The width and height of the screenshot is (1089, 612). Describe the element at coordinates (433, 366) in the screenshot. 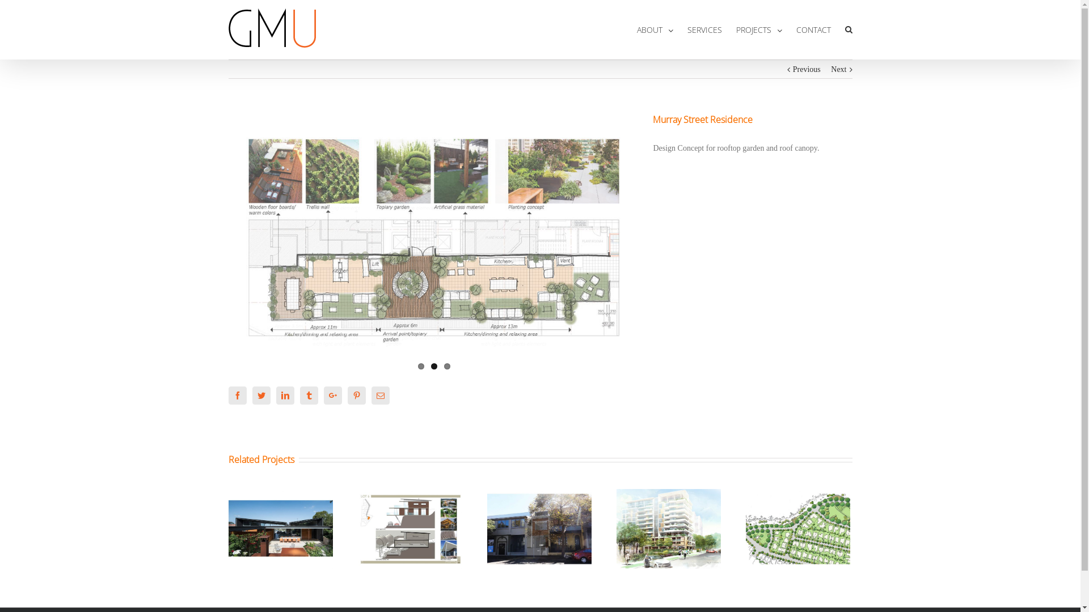

I see `'2'` at that location.